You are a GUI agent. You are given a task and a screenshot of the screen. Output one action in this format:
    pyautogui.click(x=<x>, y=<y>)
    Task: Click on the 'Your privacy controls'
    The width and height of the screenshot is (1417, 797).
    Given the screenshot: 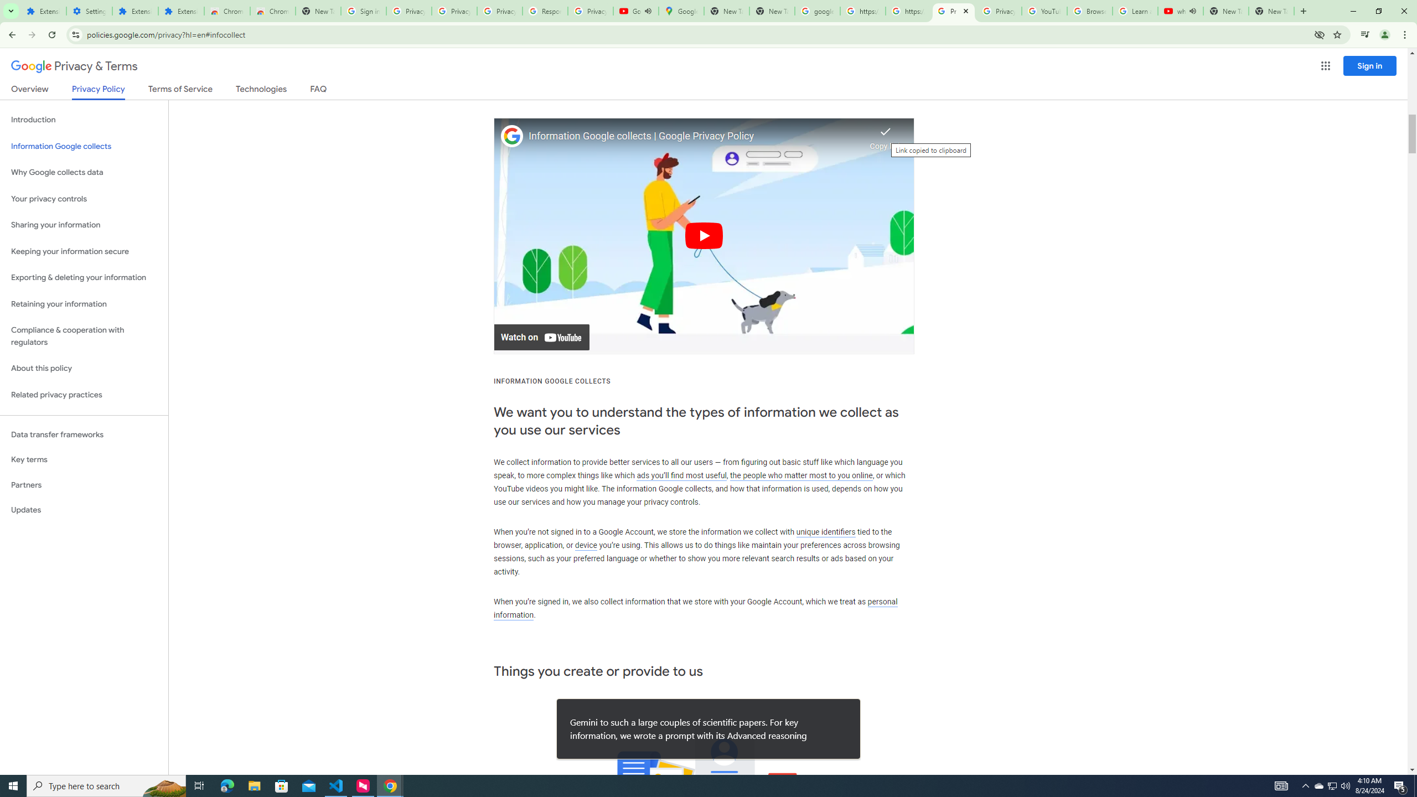 What is the action you would take?
    pyautogui.click(x=84, y=199)
    